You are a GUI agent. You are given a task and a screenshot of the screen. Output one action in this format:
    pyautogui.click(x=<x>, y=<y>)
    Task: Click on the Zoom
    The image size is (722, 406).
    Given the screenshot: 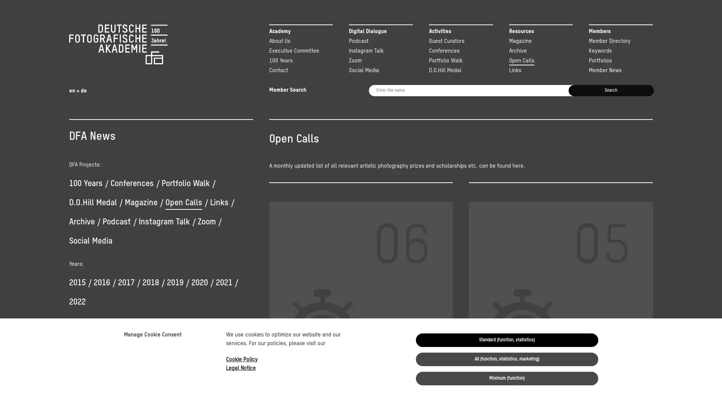 What is the action you would take?
    pyautogui.click(x=207, y=221)
    